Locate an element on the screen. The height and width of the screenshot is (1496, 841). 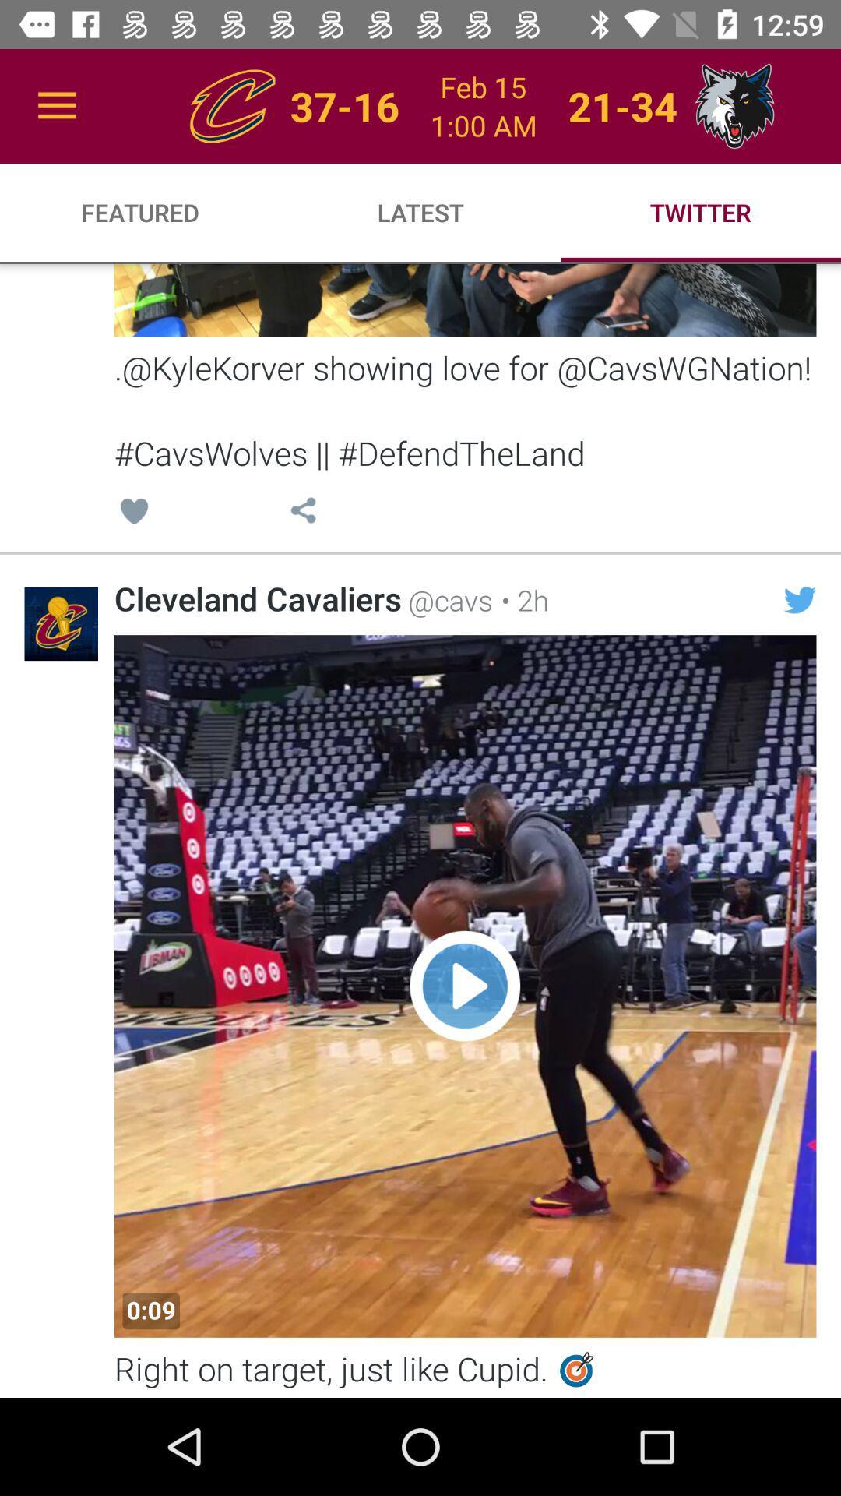
the icon to the left of the @cavs icon is located at coordinates (257, 598).